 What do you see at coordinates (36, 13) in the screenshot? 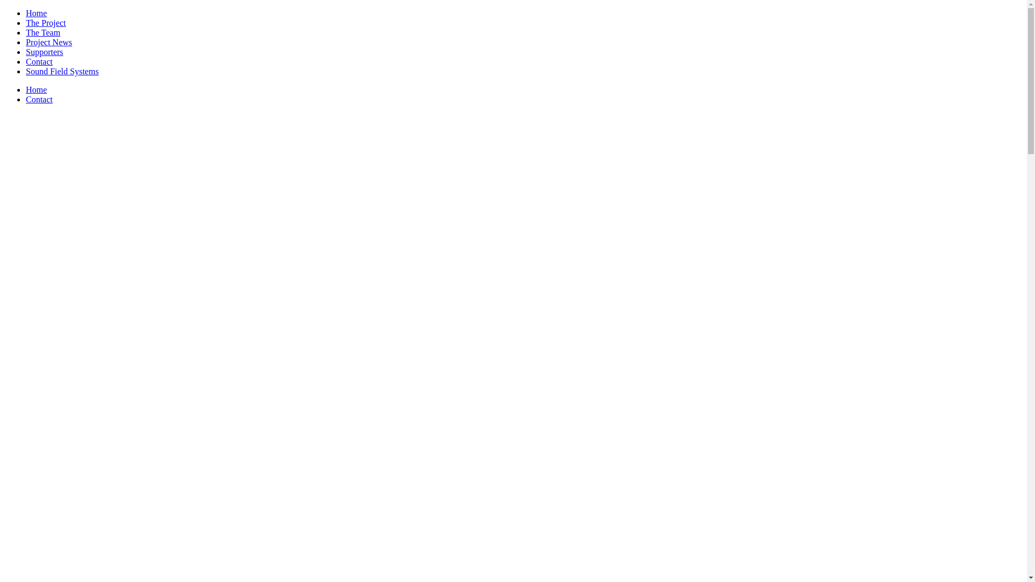
I see `'Home'` at bounding box center [36, 13].